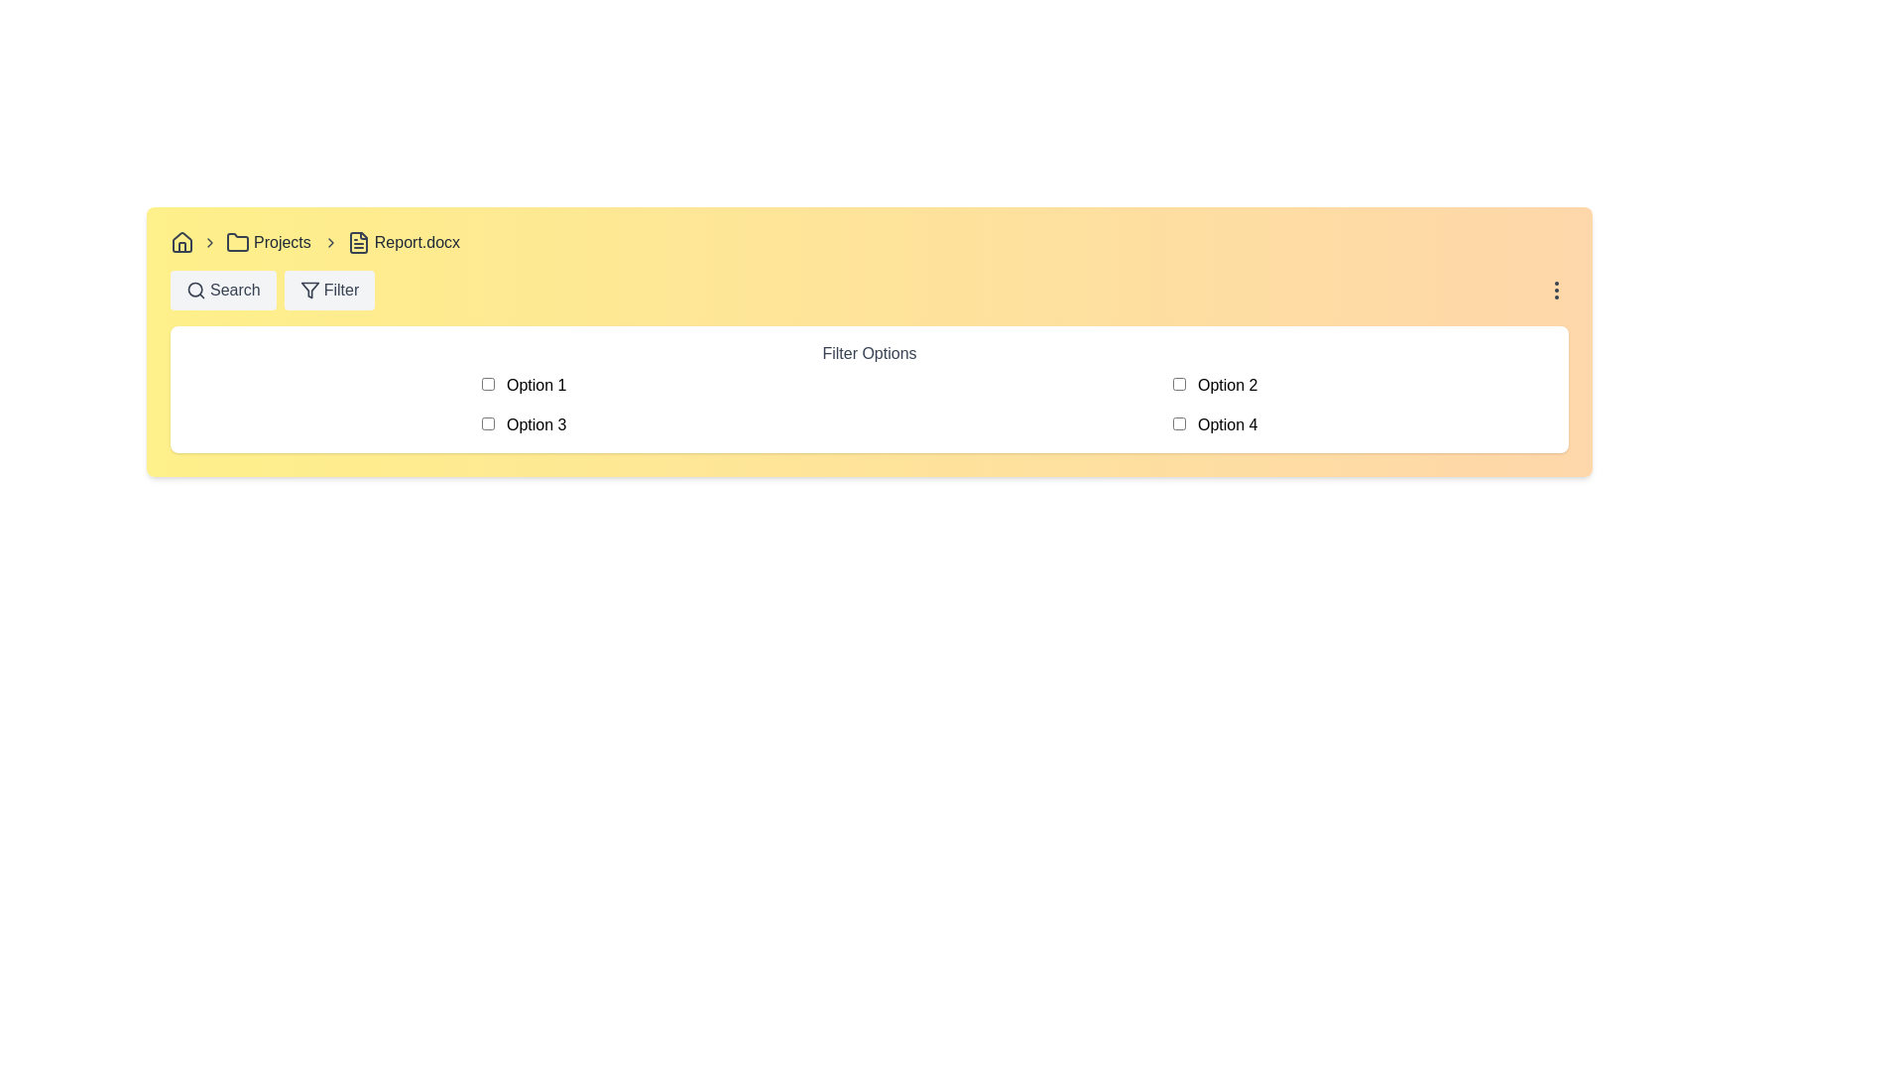  Describe the element at coordinates (1179, 422) in the screenshot. I see `the checkbox located to the left of the label 'Option 4' in the 'Filter Options' box` at that location.